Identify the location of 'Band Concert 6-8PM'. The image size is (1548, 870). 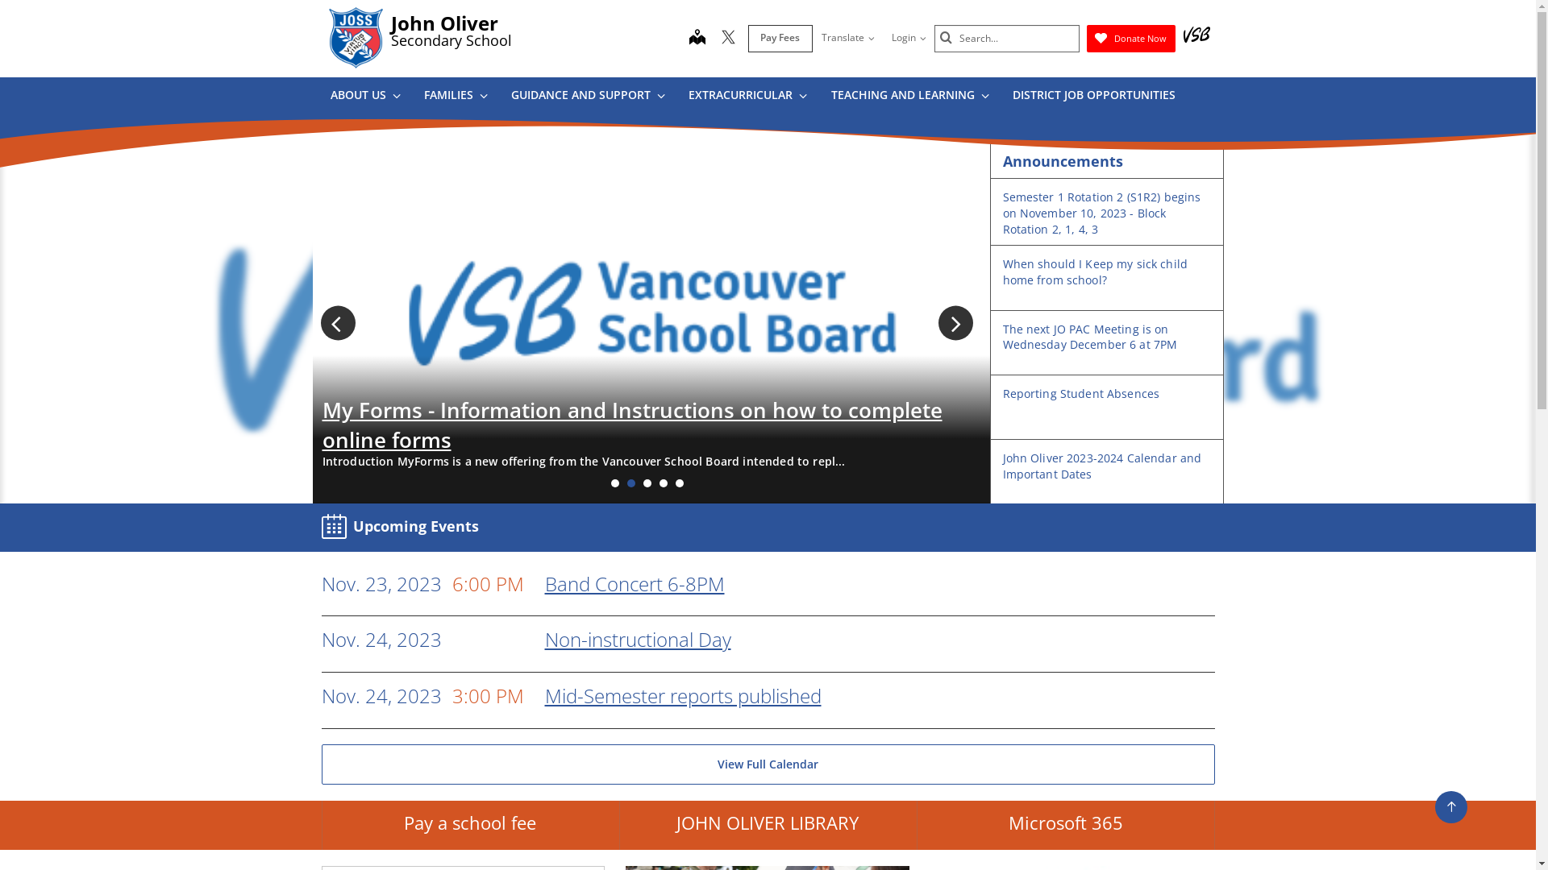
(545, 583).